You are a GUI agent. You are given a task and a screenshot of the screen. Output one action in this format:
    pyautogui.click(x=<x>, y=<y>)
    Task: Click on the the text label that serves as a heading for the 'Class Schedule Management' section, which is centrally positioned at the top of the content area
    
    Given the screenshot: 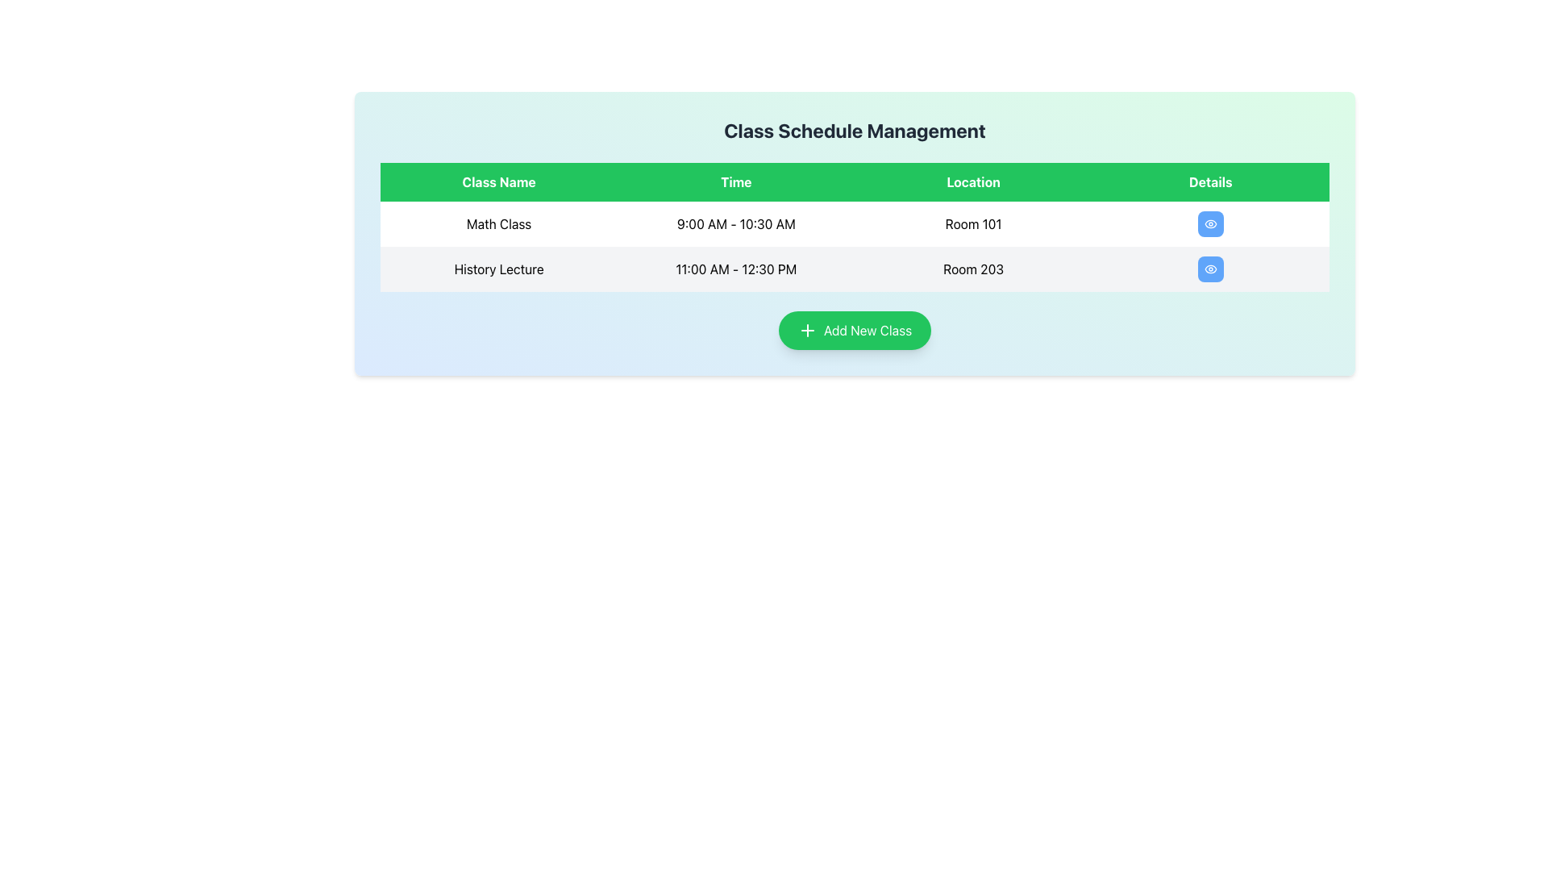 What is the action you would take?
    pyautogui.click(x=854, y=130)
    